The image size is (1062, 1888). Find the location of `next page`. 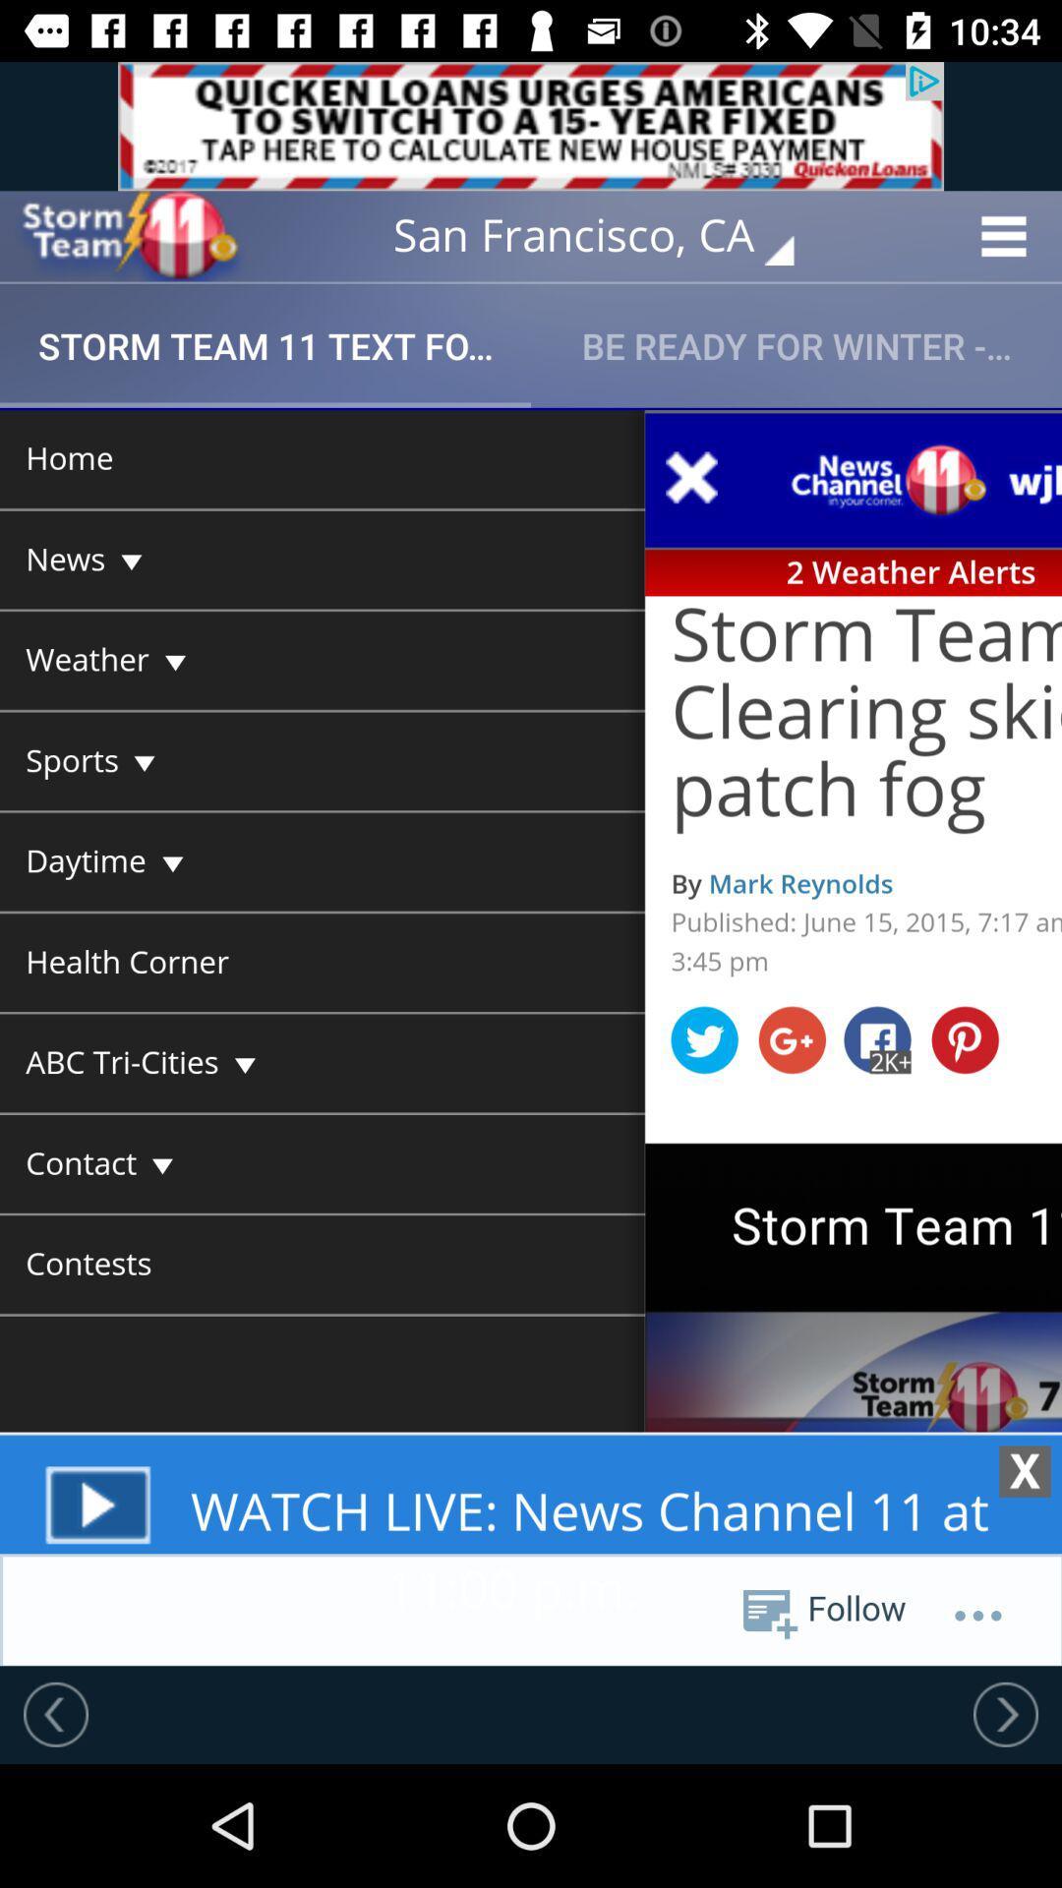

next page is located at coordinates (1005, 1713).